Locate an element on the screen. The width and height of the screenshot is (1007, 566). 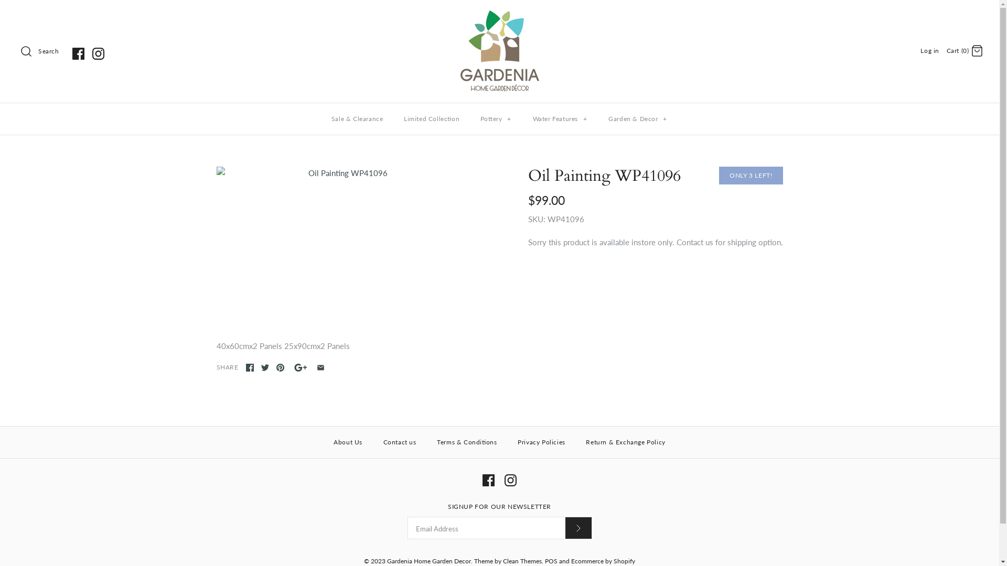
'Cart (0)' is located at coordinates (965, 50).